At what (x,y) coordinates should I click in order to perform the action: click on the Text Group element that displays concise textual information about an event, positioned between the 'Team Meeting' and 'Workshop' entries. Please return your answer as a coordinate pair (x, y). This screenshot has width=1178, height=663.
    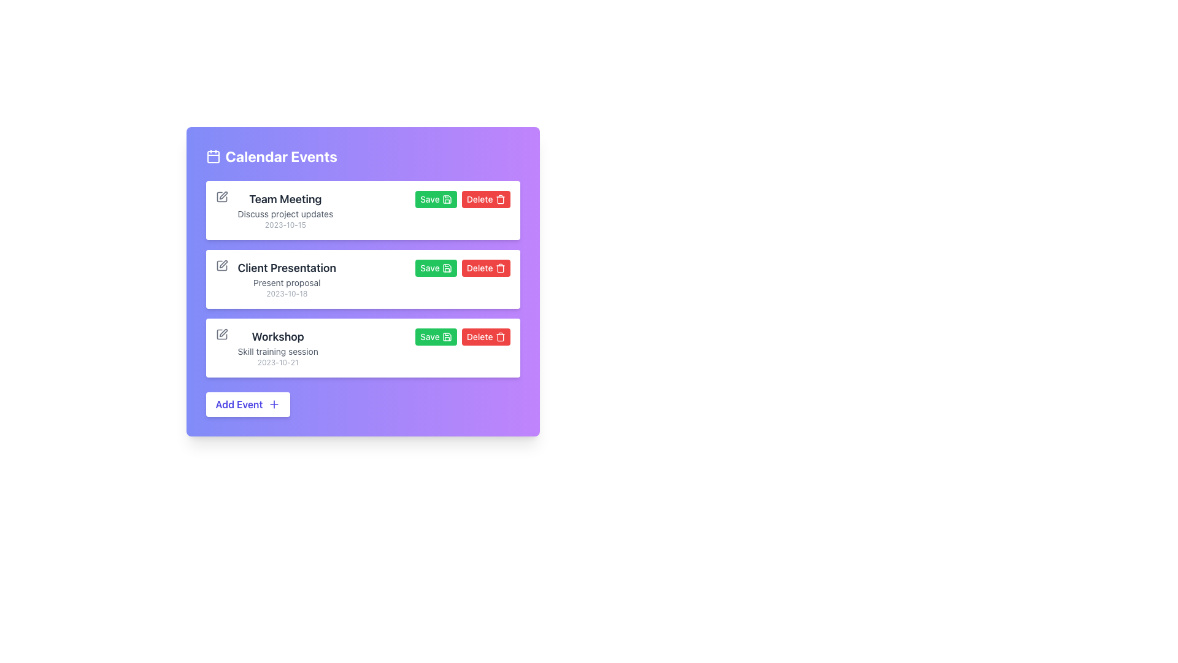
    Looking at the image, I should click on (286, 279).